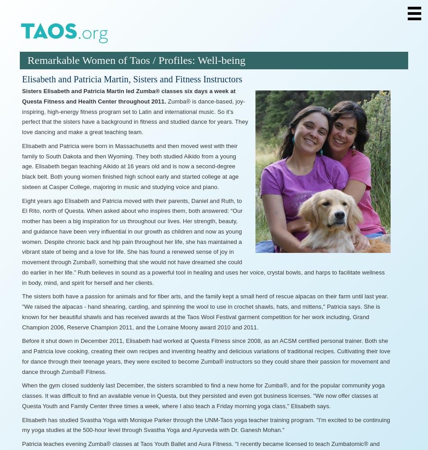 The image size is (428, 450). What do you see at coordinates (77, 128) in the screenshot?
I see `'Community Profiles'` at bounding box center [77, 128].